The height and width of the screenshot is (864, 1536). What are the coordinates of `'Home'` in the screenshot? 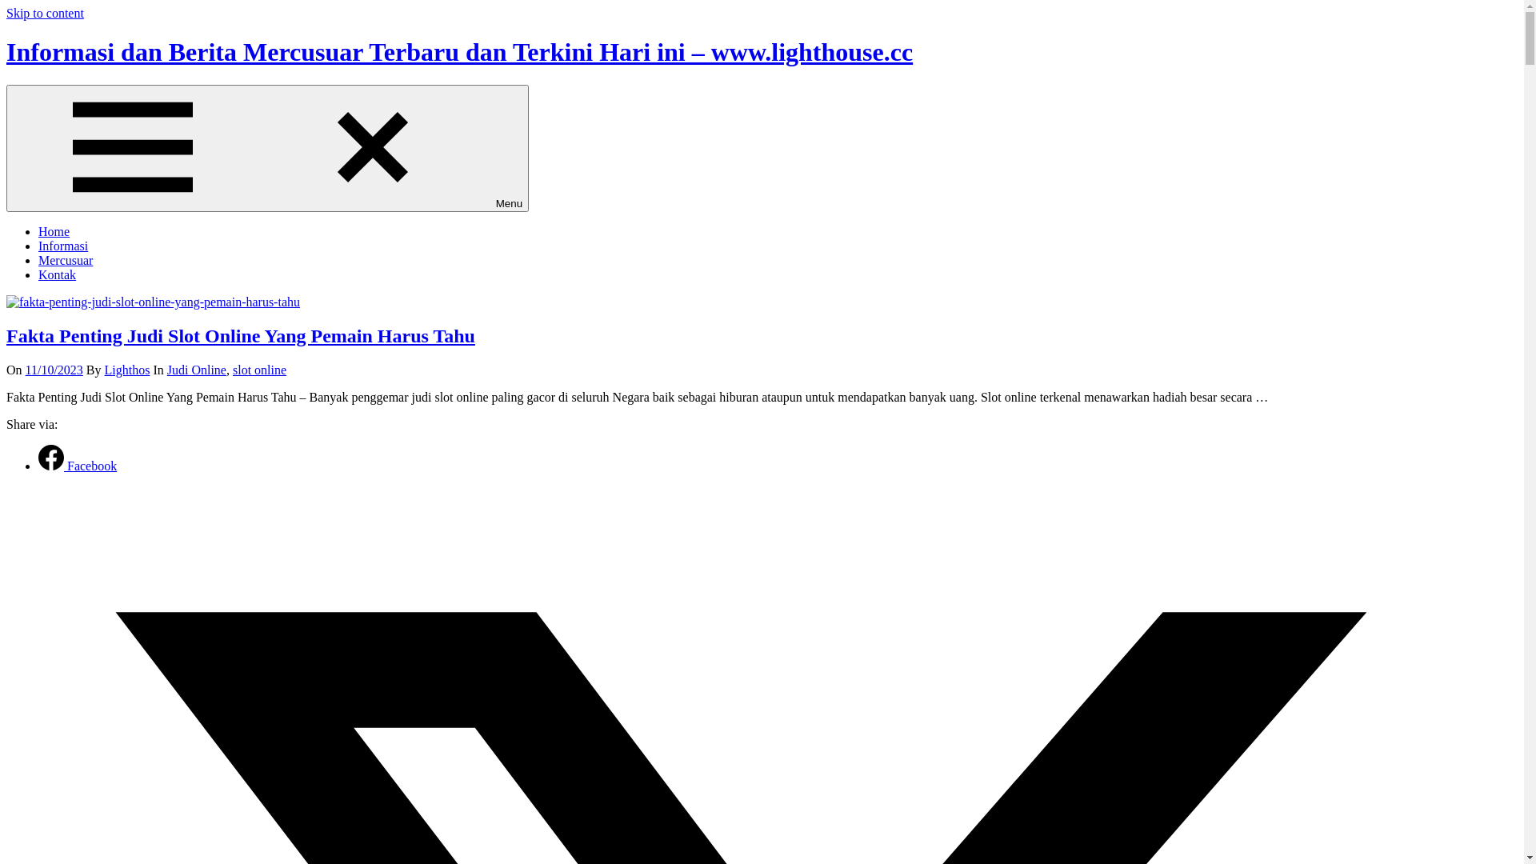 It's located at (54, 231).